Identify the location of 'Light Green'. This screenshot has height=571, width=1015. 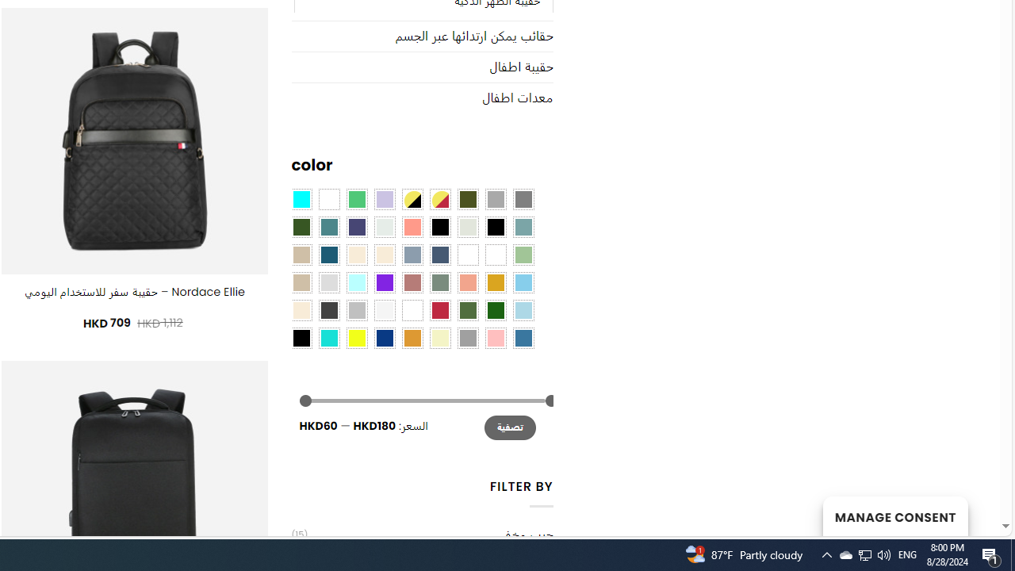
(523, 254).